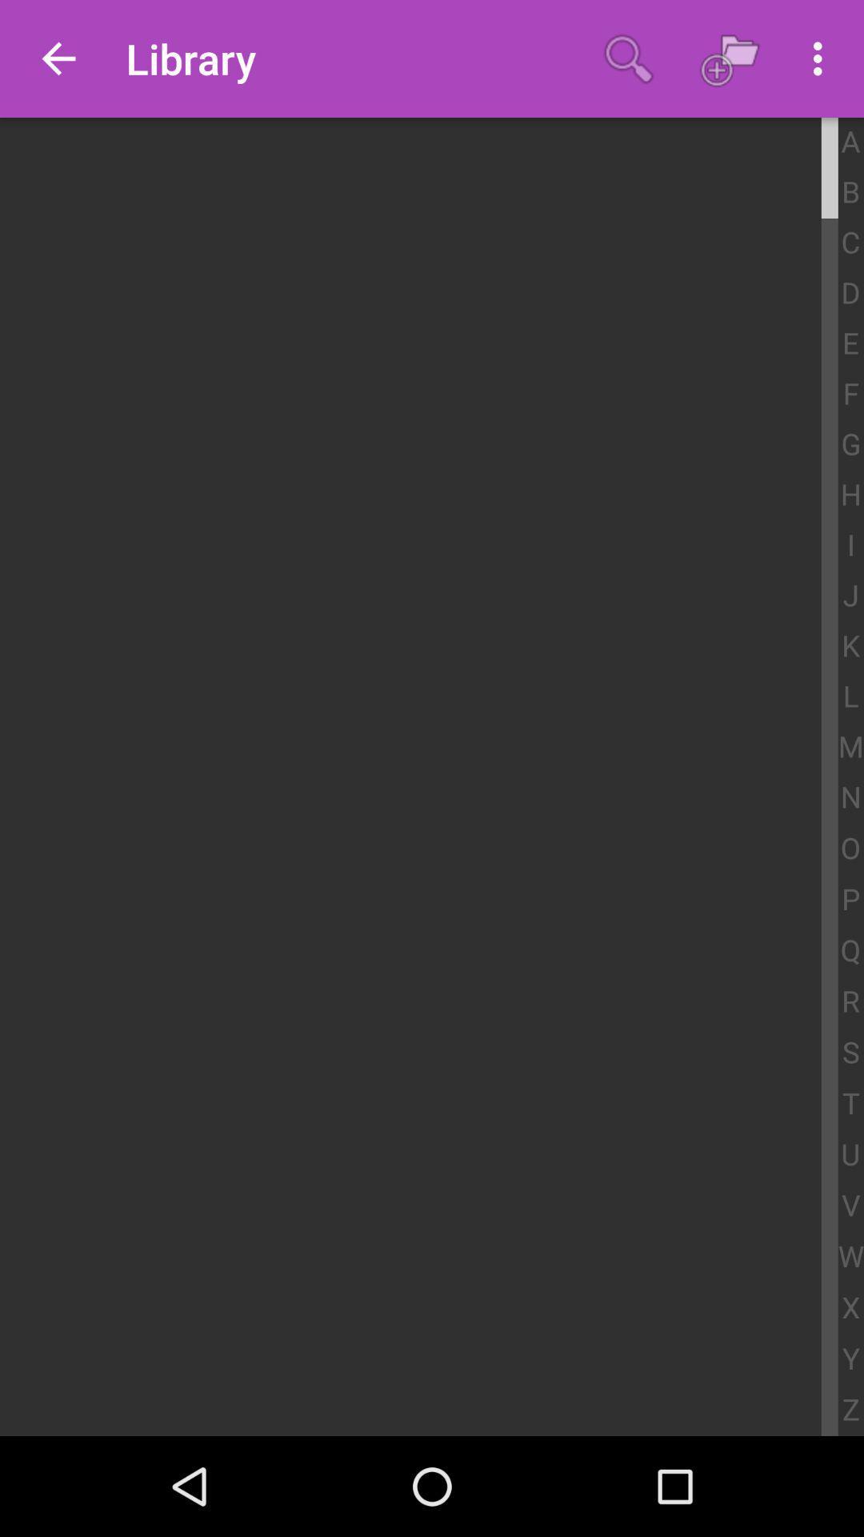 This screenshot has height=1537, width=864. I want to click on the item above b icon, so click(850, 142).